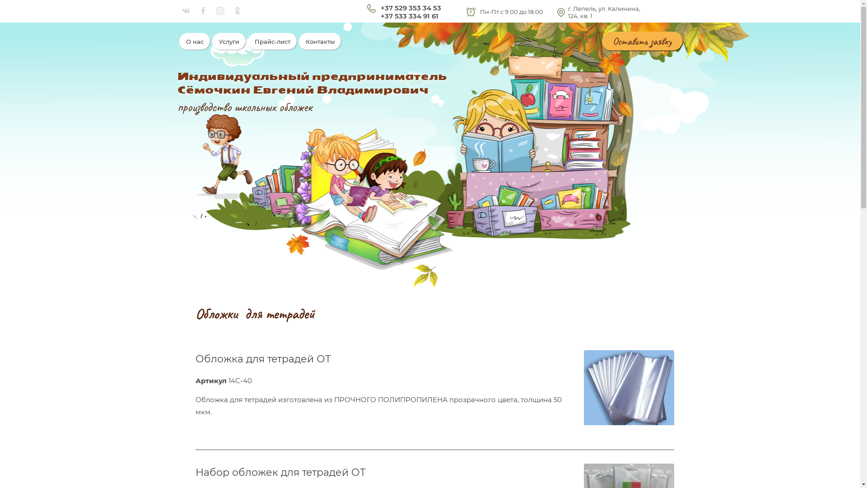  What do you see at coordinates (410, 8) in the screenshot?
I see `'+37 529 353 34 53'` at bounding box center [410, 8].